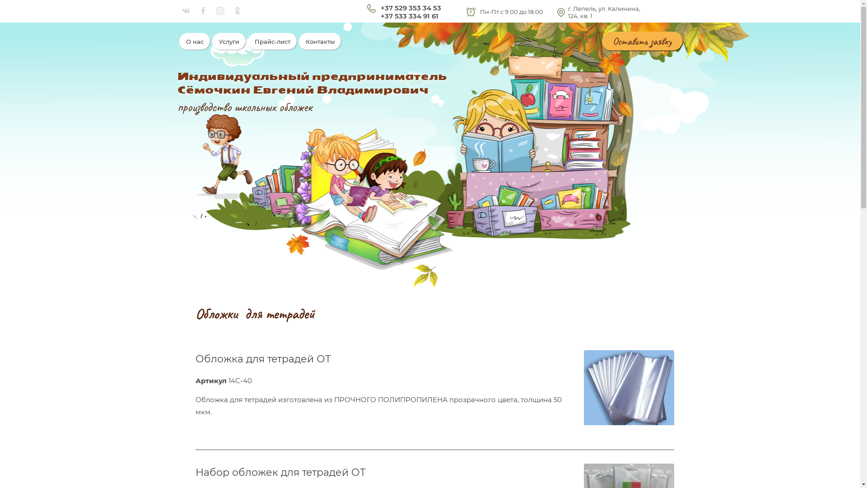  What do you see at coordinates (410, 8) in the screenshot?
I see `'+37 529 353 34 53'` at bounding box center [410, 8].